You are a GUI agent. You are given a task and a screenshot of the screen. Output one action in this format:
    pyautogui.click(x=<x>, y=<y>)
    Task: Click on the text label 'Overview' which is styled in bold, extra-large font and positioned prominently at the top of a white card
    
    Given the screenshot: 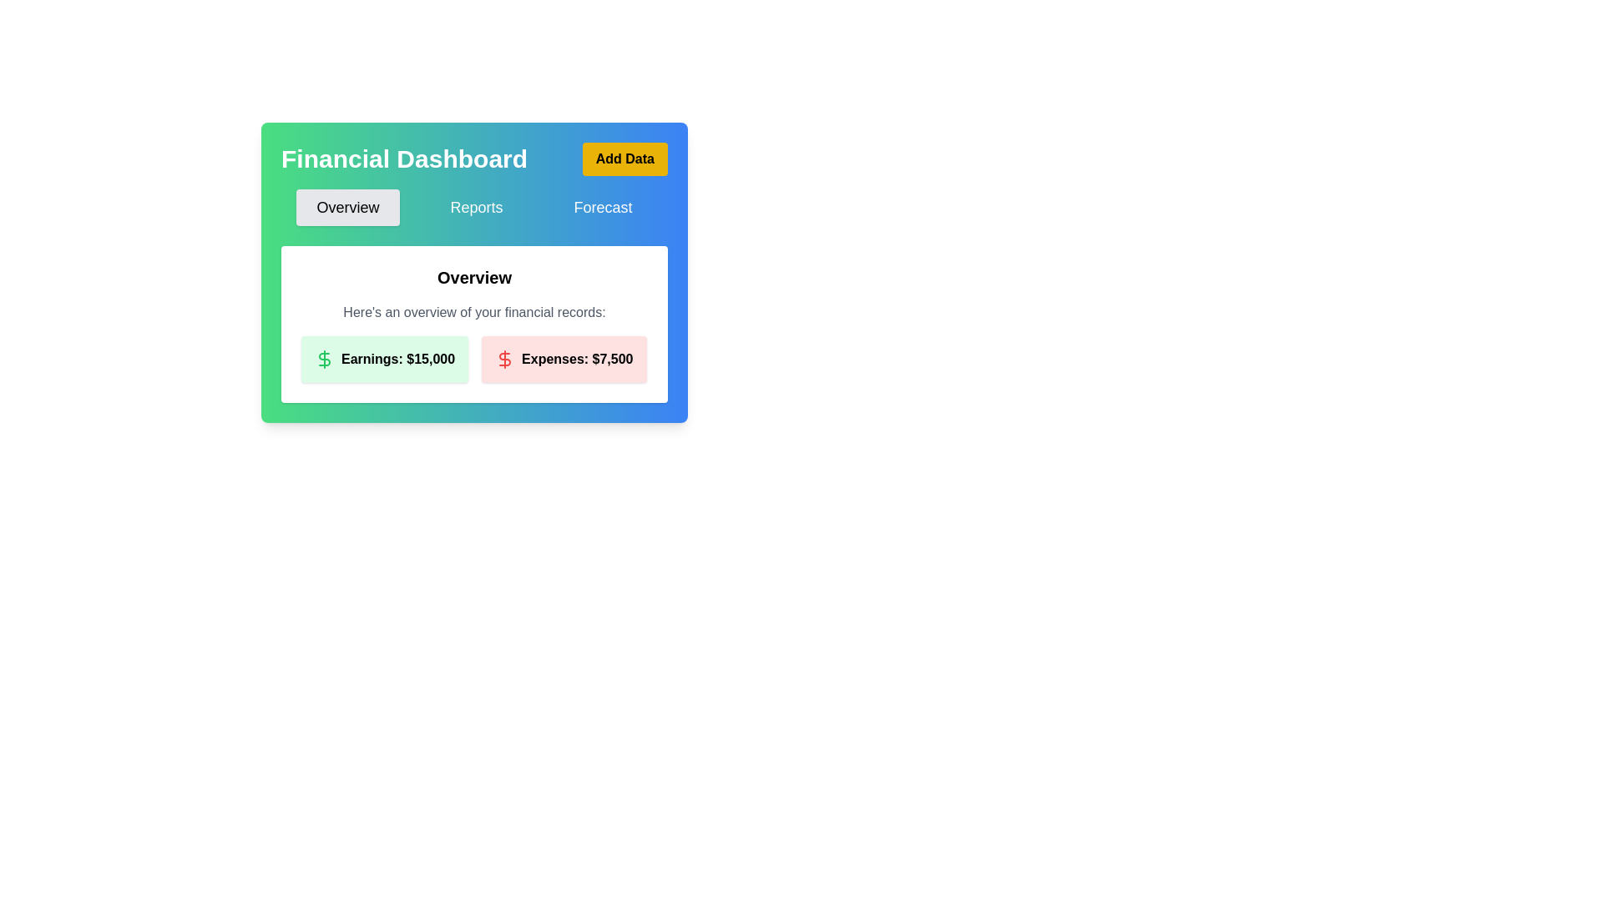 What is the action you would take?
    pyautogui.click(x=473, y=276)
    